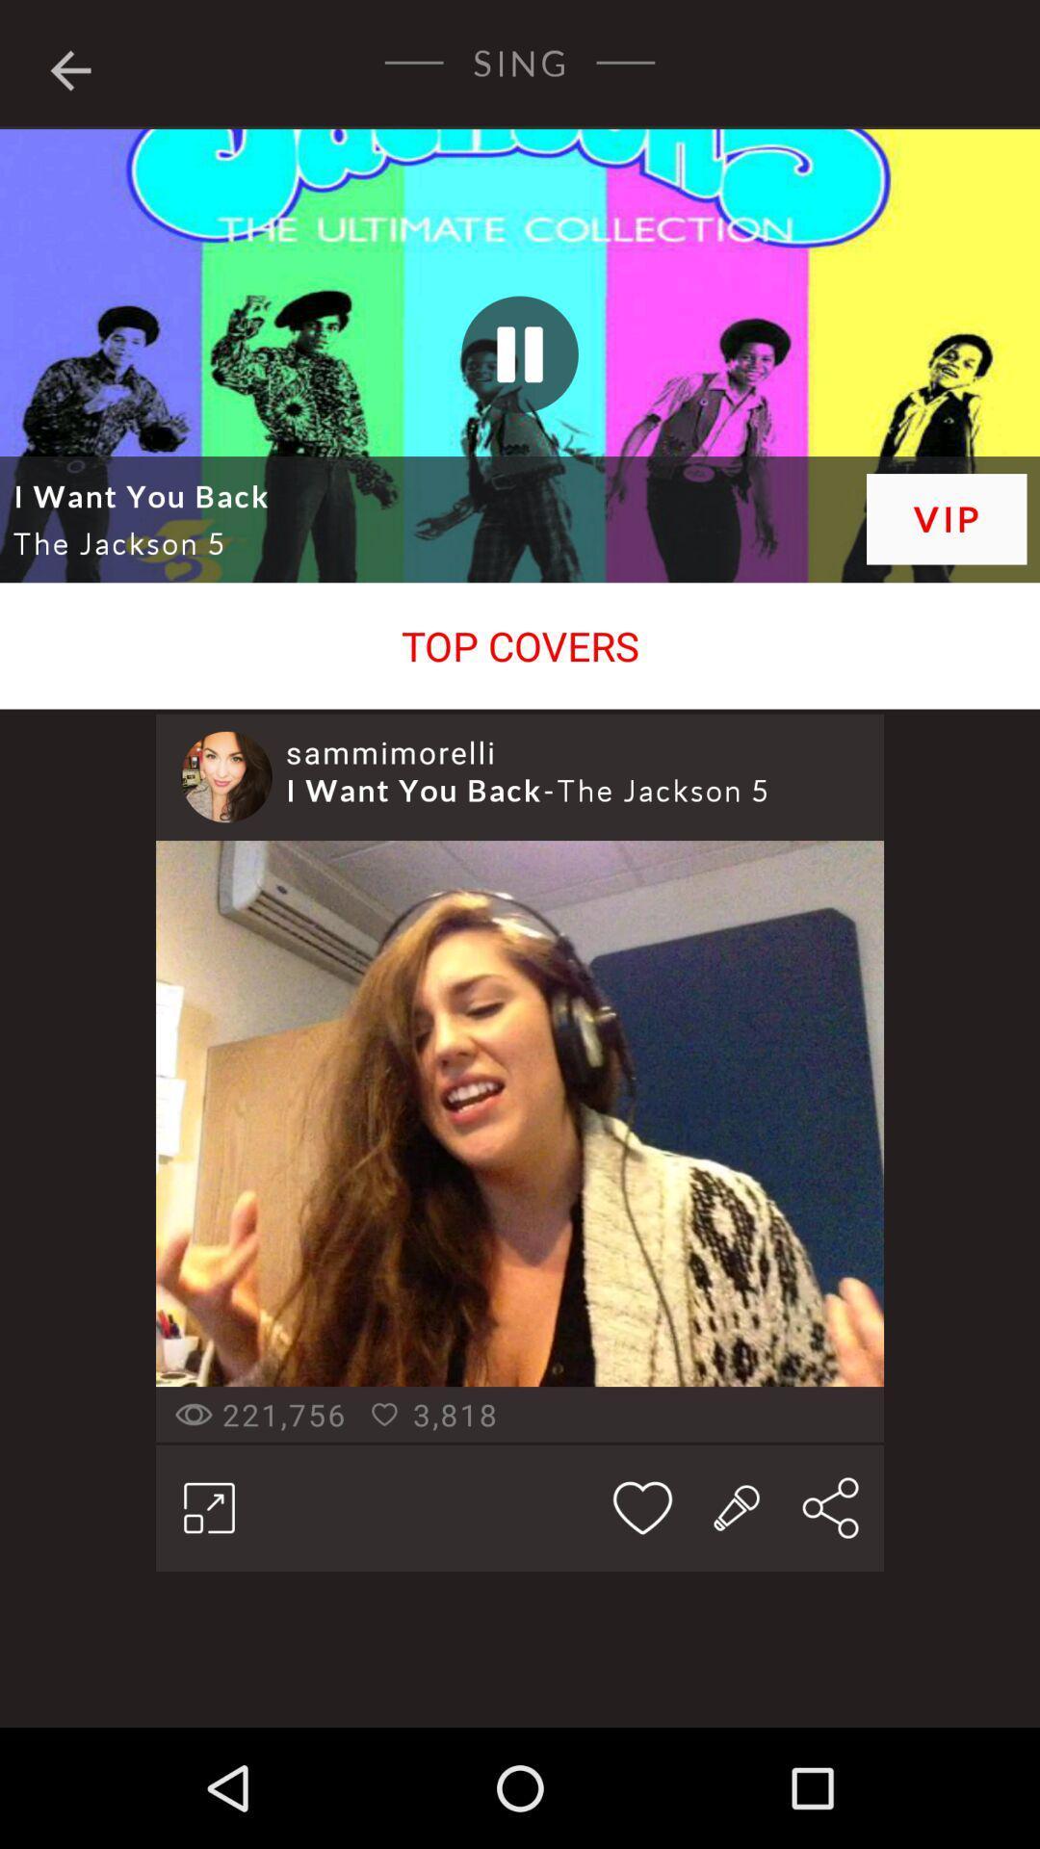 The image size is (1040, 1849). I want to click on item to the right of the i want you icon, so click(946, 519).